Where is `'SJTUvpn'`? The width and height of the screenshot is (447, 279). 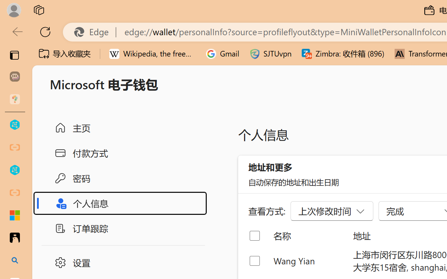 'SJTUvpn' is located at coordinates (270, 54).